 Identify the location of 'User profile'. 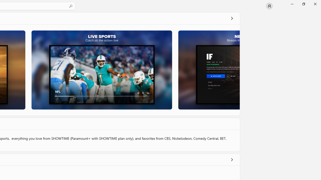
(269, 6).